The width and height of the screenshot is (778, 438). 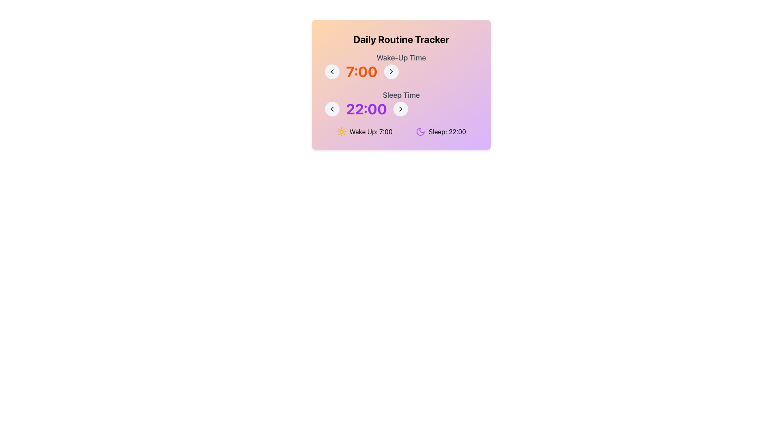 What do you see at coordinates (332, 109) in the screenshot?
I see `the left-pointing chevron icon button for decrementing the sleep time, located to the left of the time label '22:00' in the bottom row of the interface` at bounding box center [332, 109].